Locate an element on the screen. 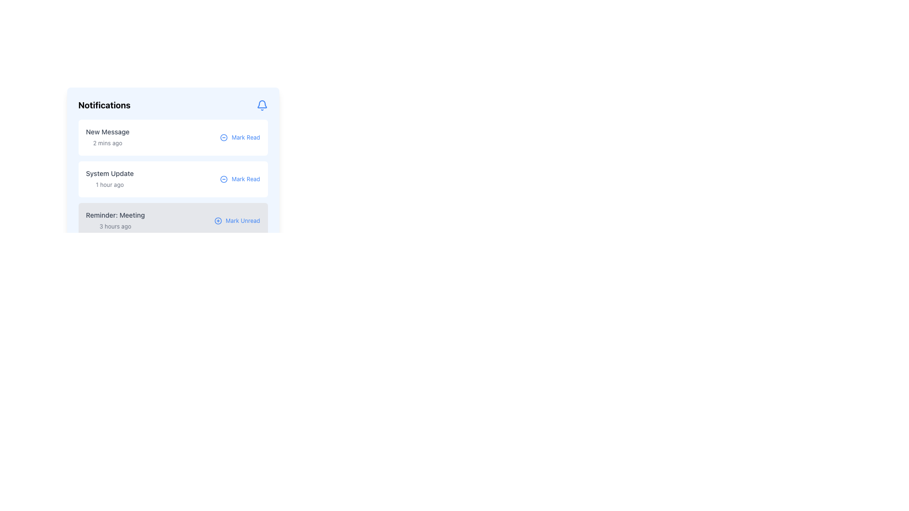 The image size is (909, 511). the decorative circular outline of the plus icon located in the 'Mark Unread' section of the 'Reminder: Meeting' notification is located at coordinates (217, 220).